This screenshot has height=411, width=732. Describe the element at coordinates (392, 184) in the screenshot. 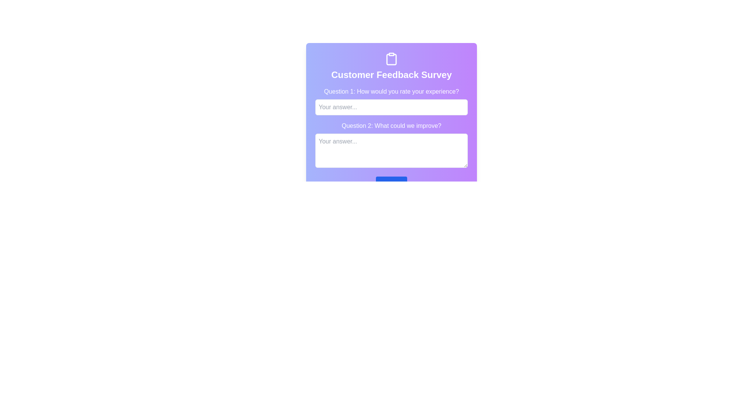

I see `the submit button of the feedback form` at that location.